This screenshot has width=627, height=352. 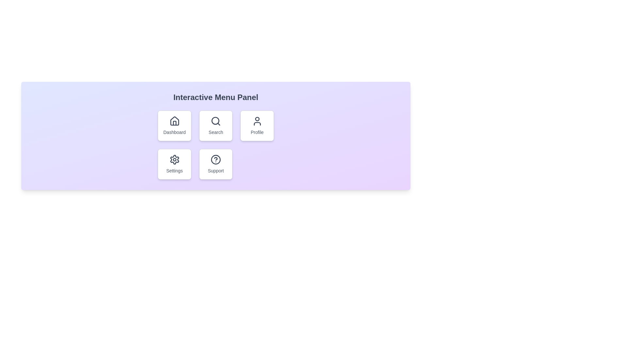 What do you see at coordinates (174, 121) in the screenshot?
I see `the 'Home' icon located in the top-left section of the grid containing six icons to navigate to the main dashboard` at bounding box center [174, 121].